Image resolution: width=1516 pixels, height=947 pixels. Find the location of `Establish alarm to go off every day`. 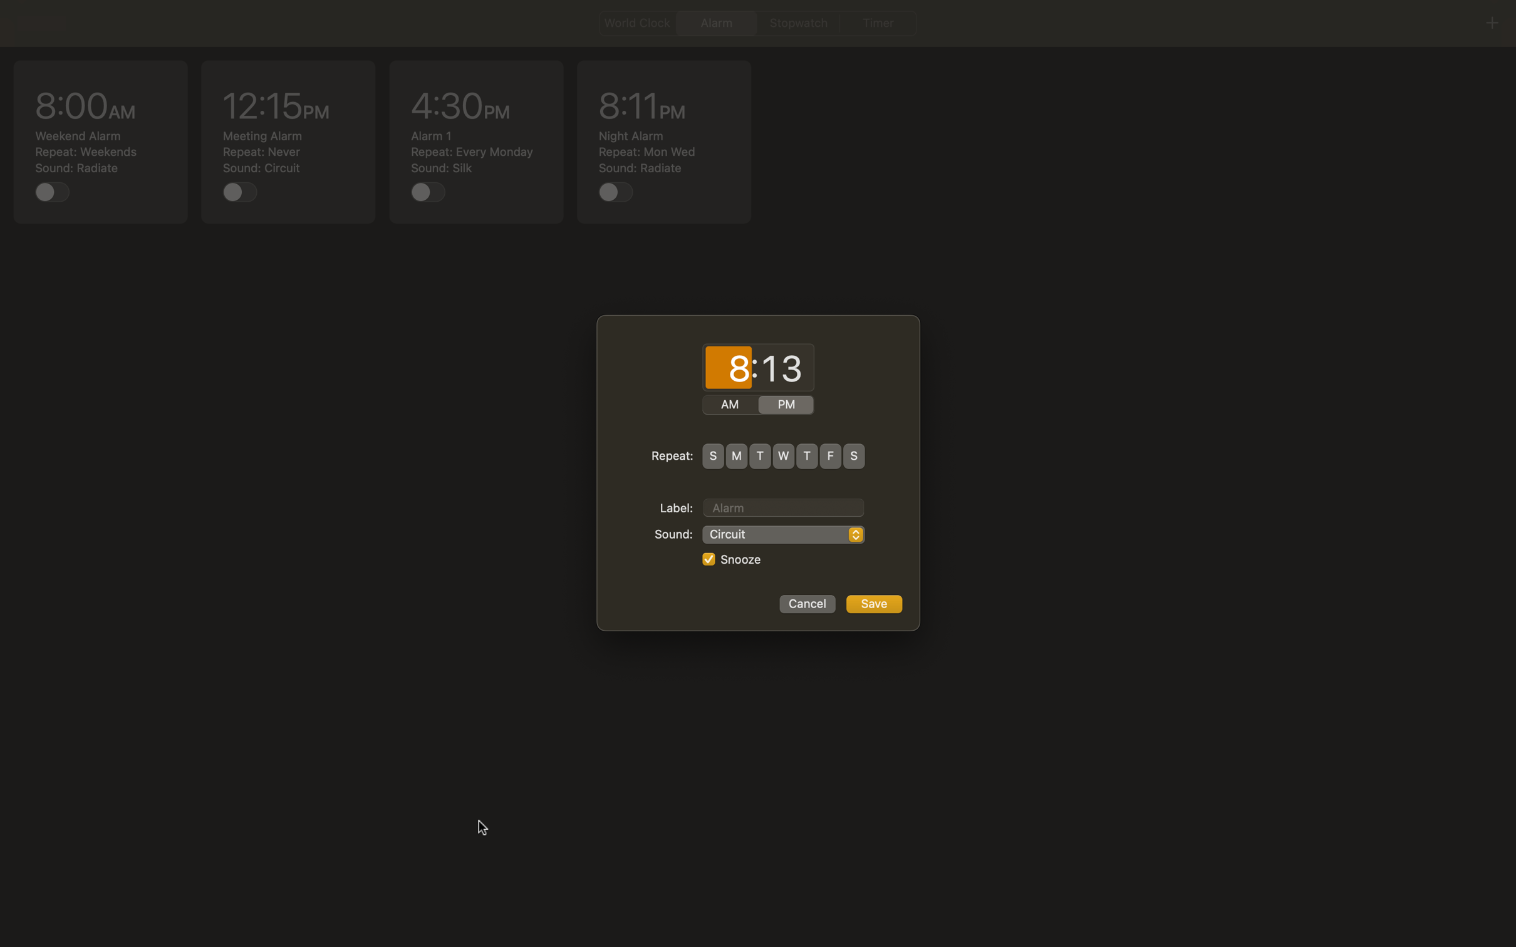

Establish alarm to go off every day is located at coordinates (712, 455).